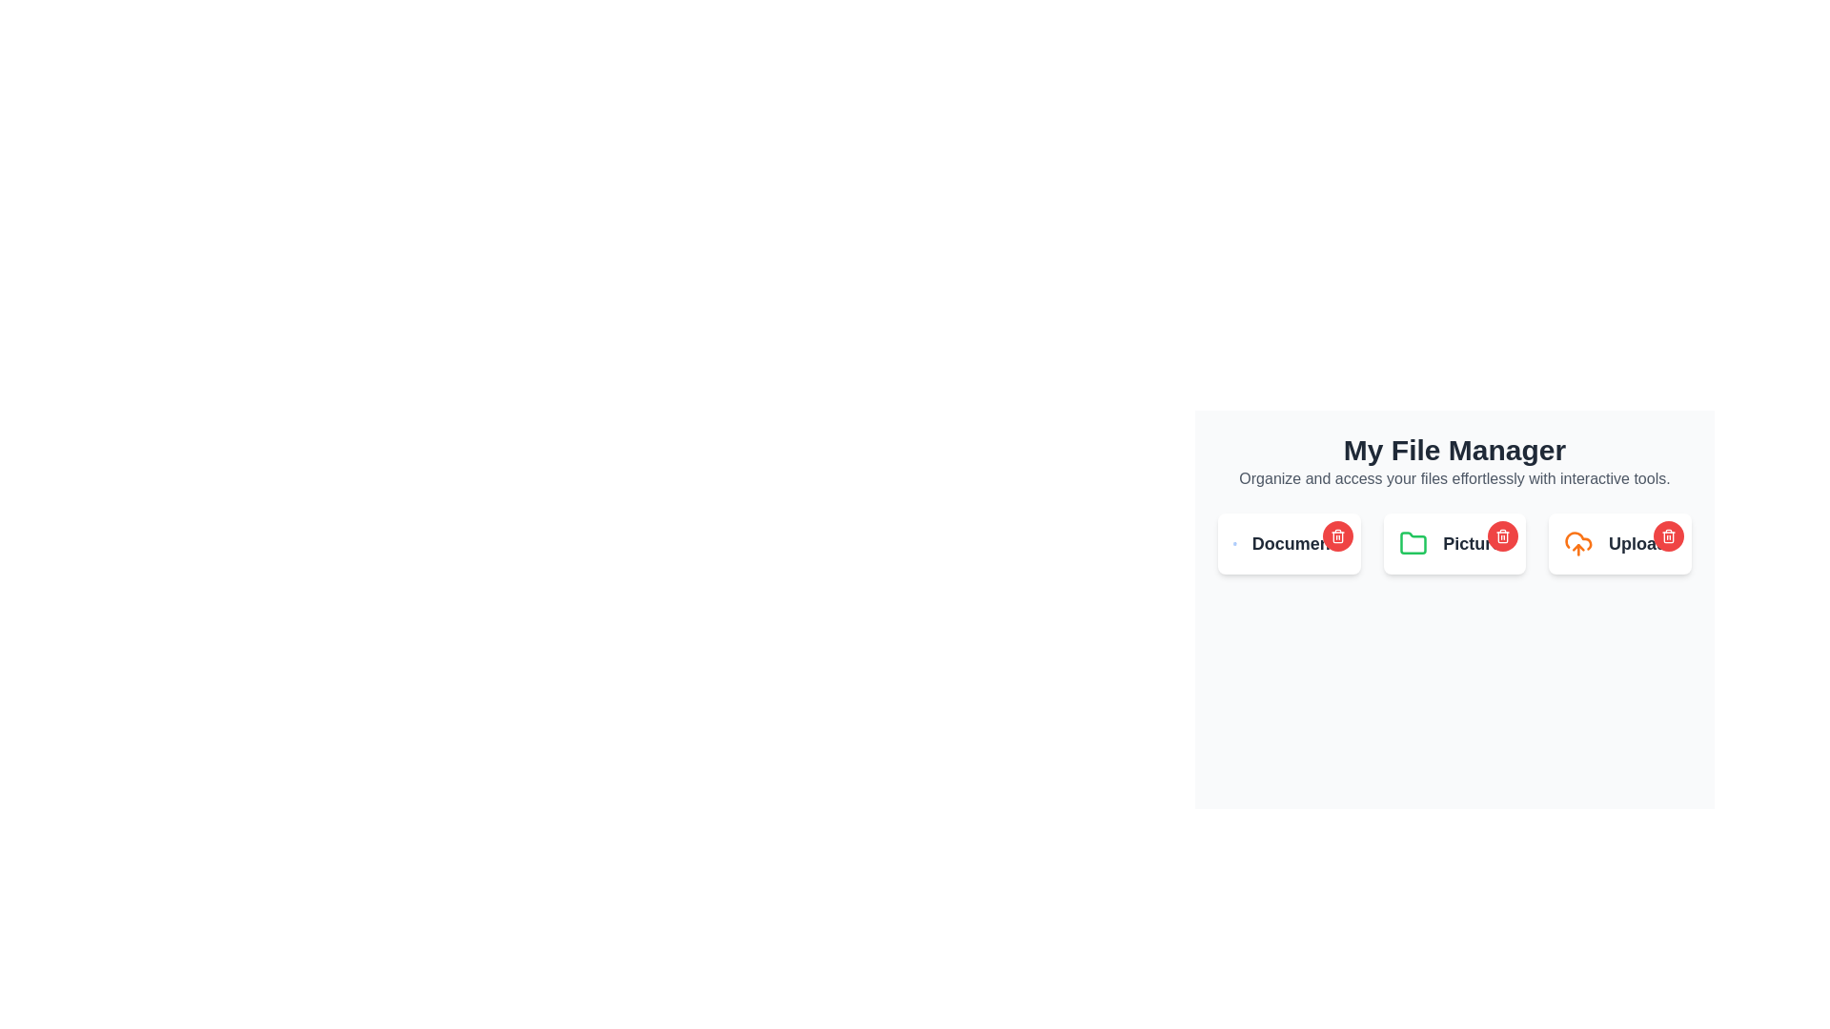 The image size is (1830, 1029). What do you see at coordinates (1475, 543) in the screenshot?
I see `the static text label that identifies the associated folder, positioned between the folder icon and a red circular delete icon` at bounding box center [1475, 543].